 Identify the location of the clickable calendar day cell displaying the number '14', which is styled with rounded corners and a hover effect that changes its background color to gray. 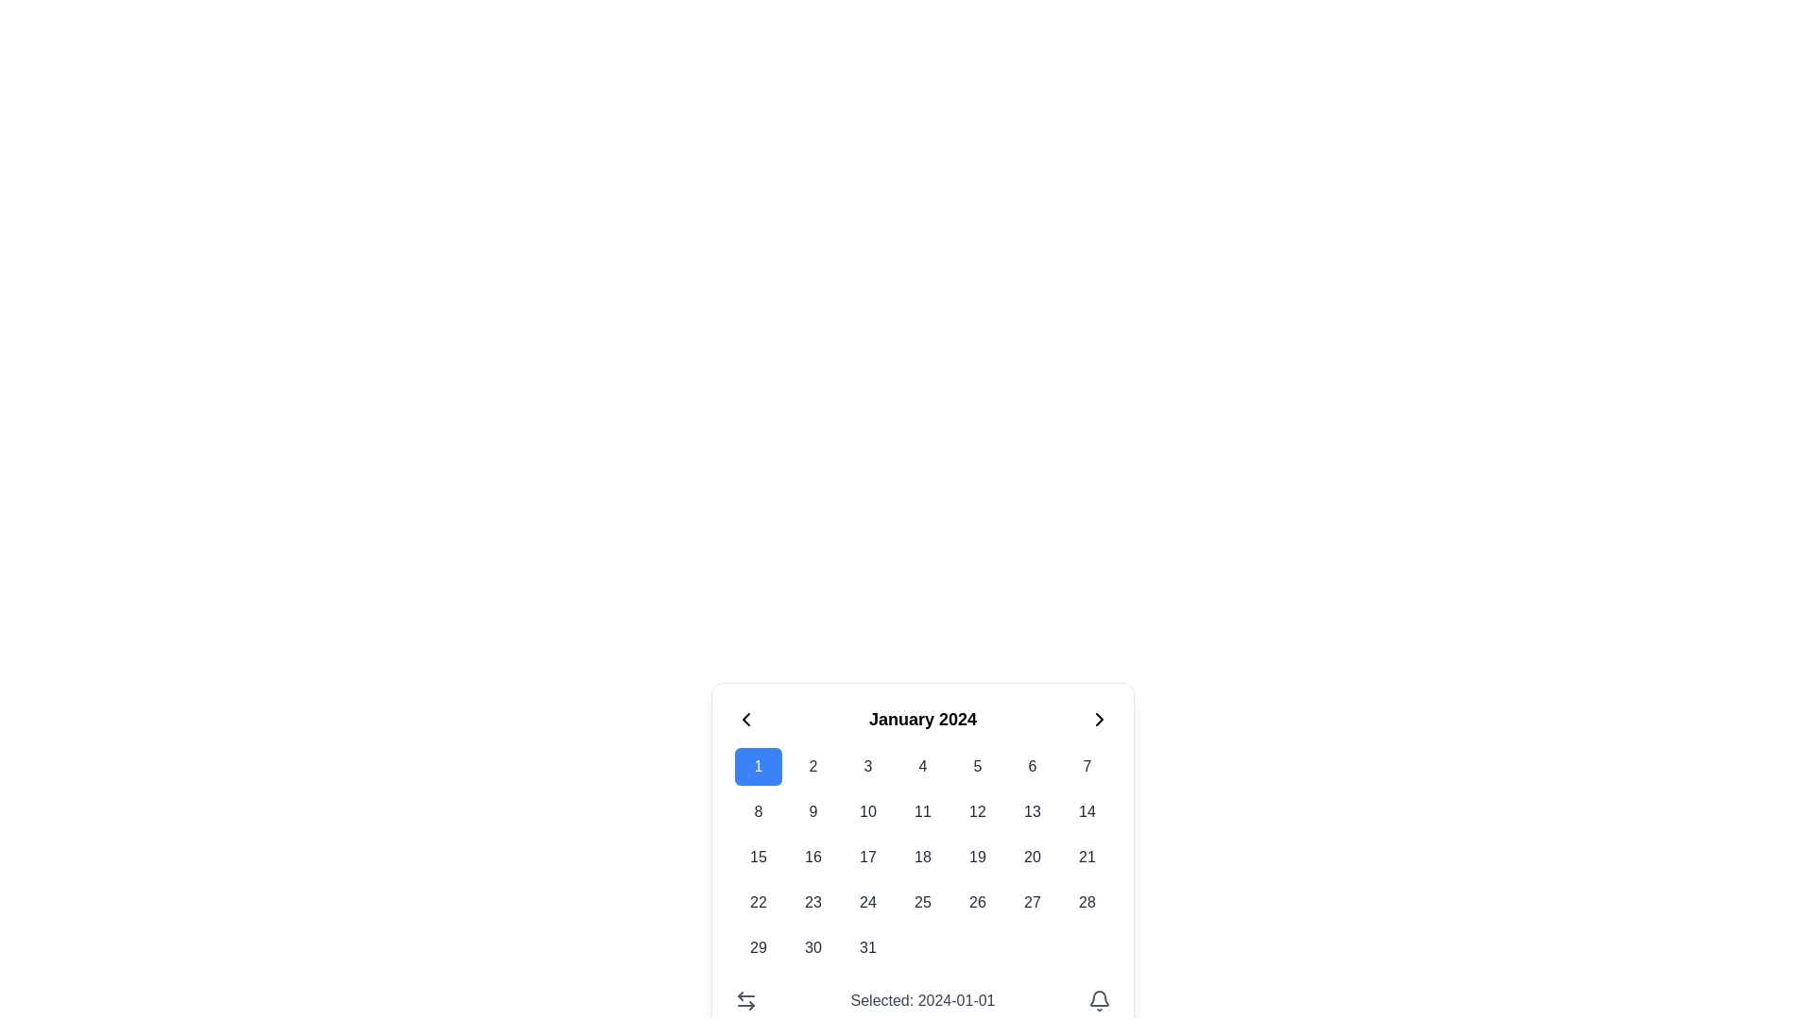
(1087, 811).